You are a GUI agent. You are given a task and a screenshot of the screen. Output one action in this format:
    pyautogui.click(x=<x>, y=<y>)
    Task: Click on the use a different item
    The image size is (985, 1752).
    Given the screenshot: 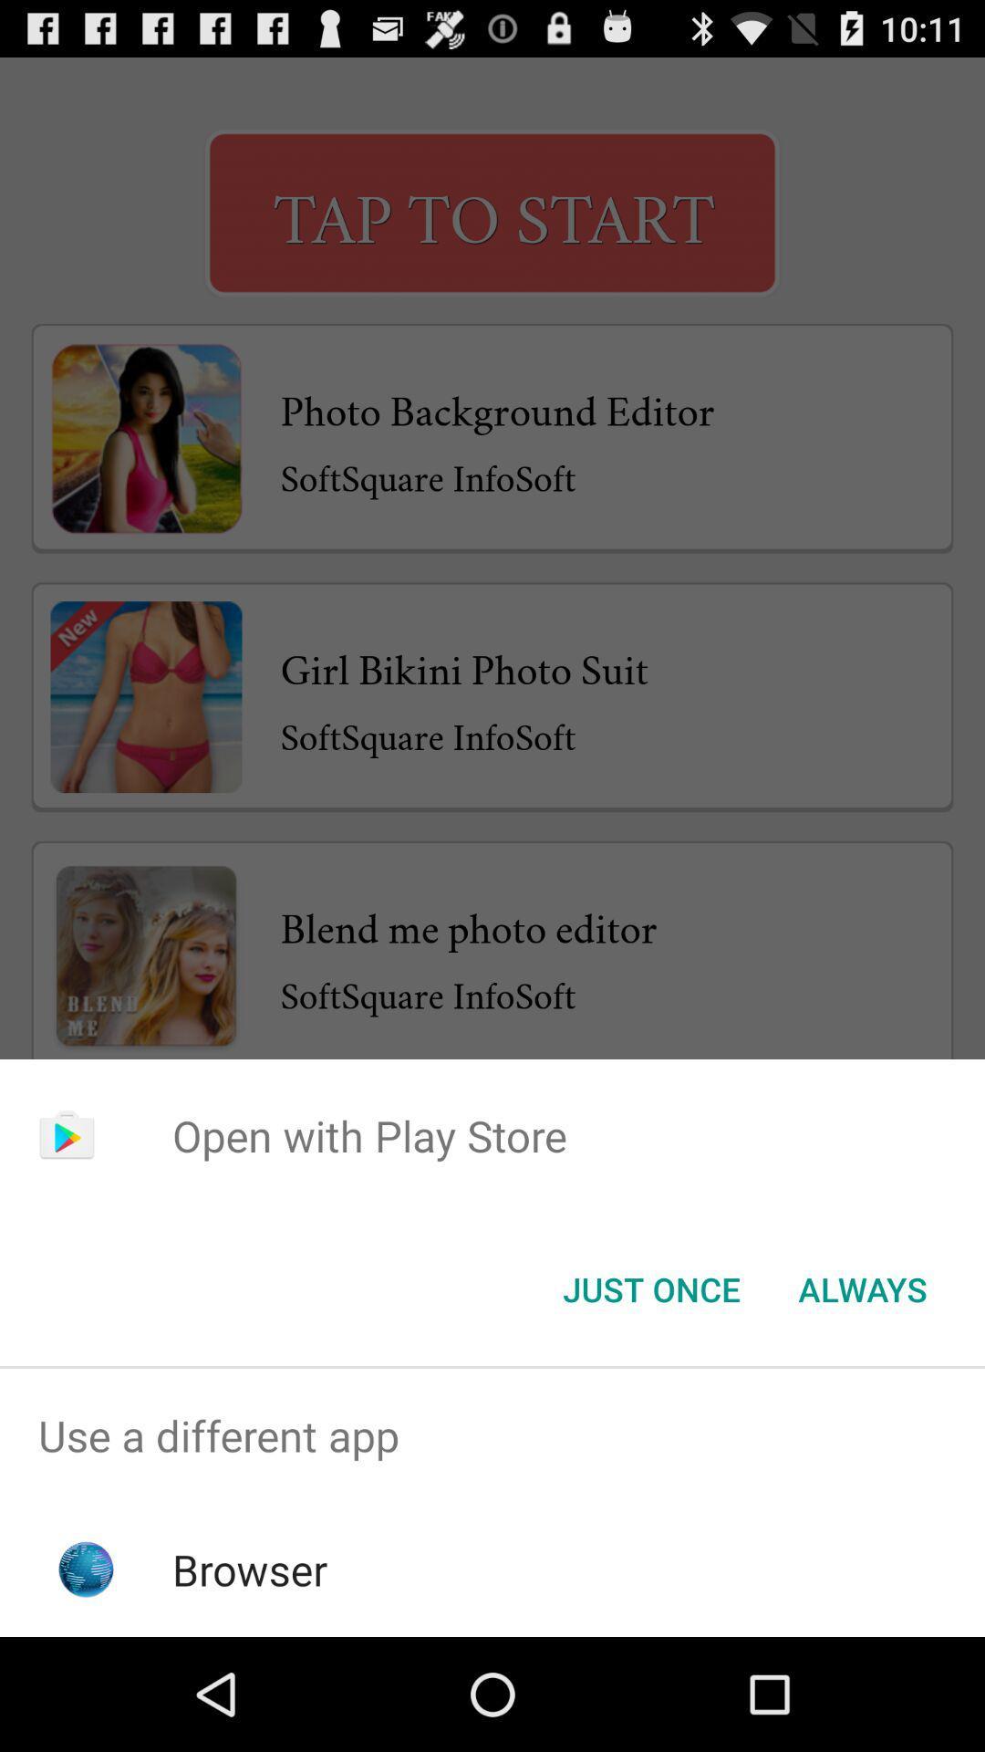 What is the action you would take?
    pyautogui.click(x=493, y=1434)
    